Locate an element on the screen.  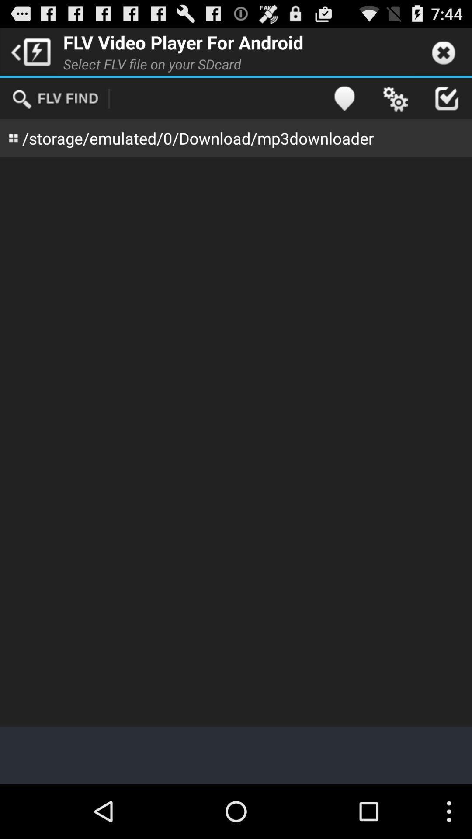
the item next to the flv video player is located at coordinates (28, 51).